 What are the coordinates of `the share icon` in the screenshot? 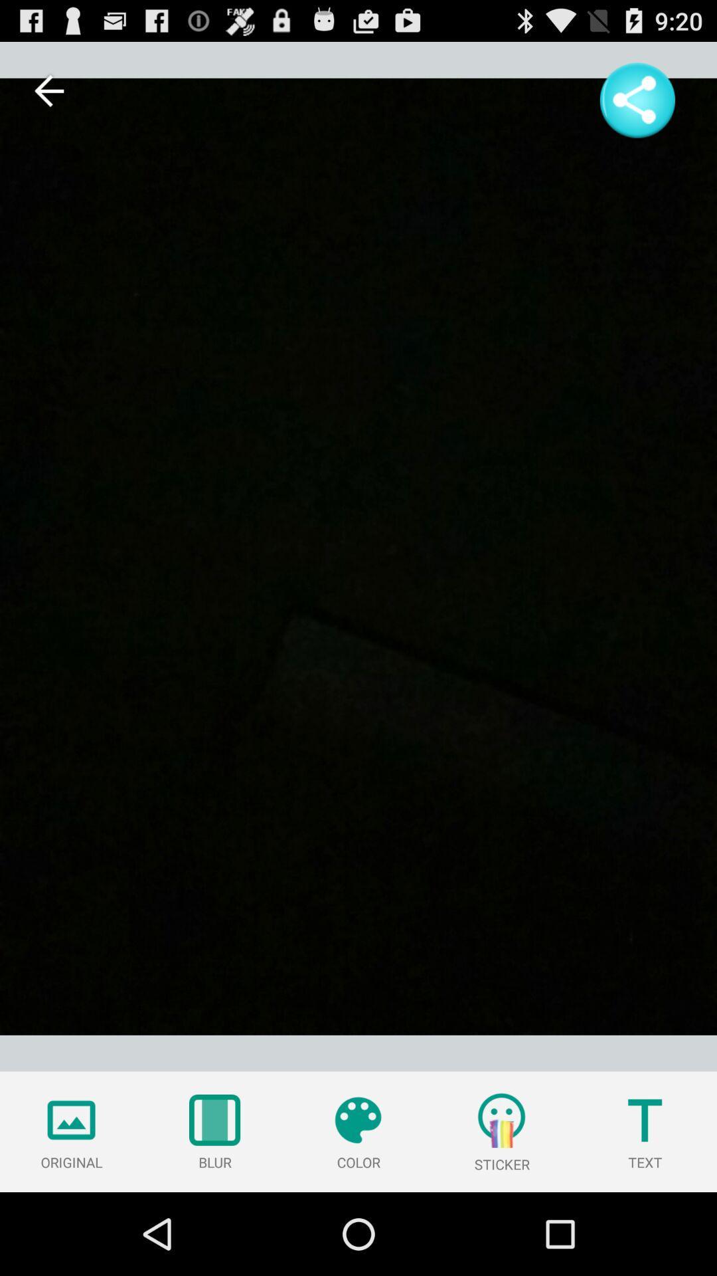 It's located at (637, 107).